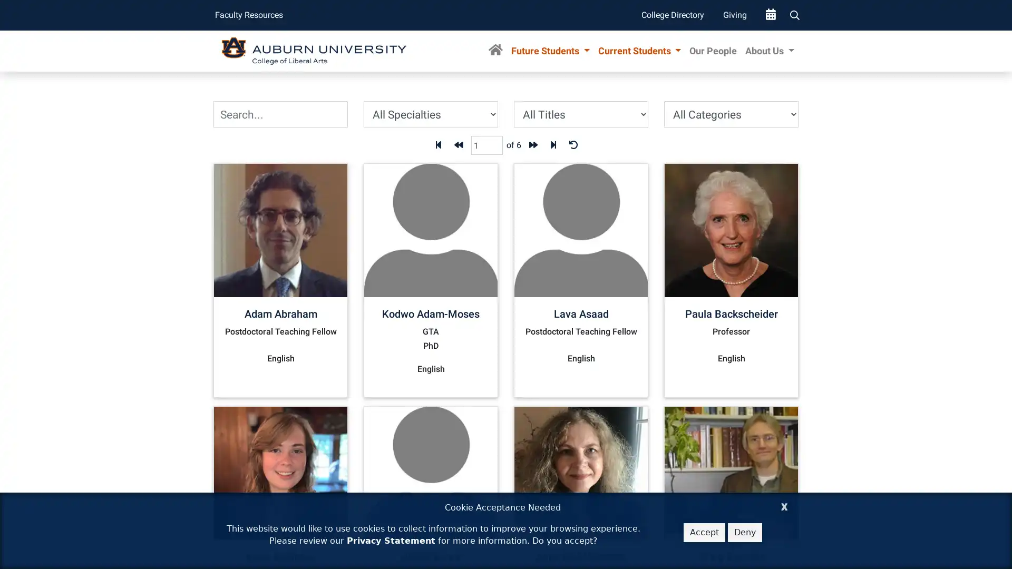 Image resolution: width=1012 pixels, height=569 pixels. I want to click on of 6, so click(513, 145).